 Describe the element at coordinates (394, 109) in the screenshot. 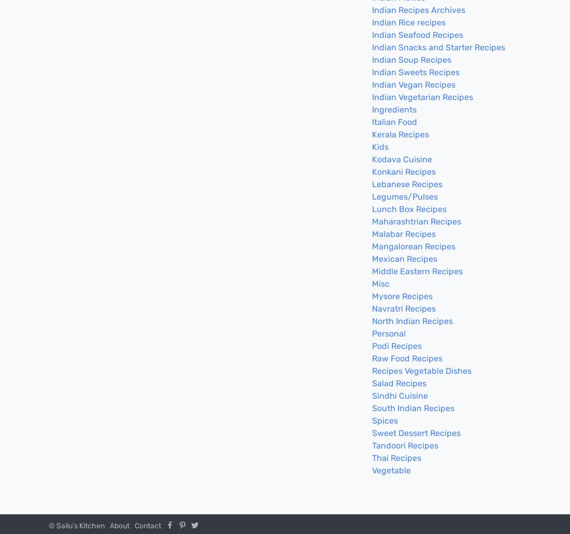

I see `'Ingredients'` at that location.